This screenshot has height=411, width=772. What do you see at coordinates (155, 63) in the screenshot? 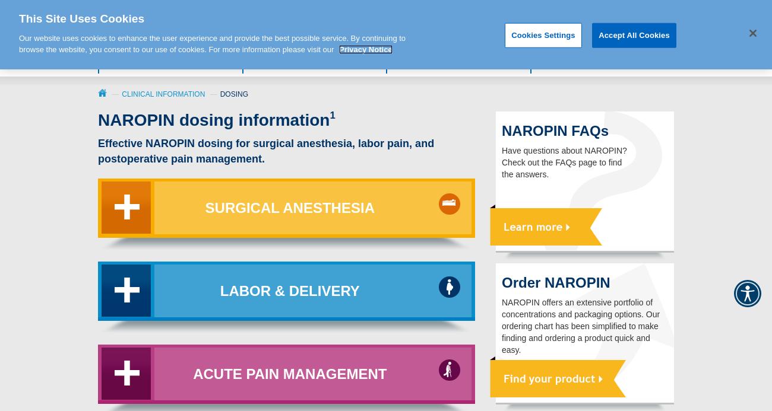
I see `'Value of NAROPIN'` at bounding box center [155, 63].